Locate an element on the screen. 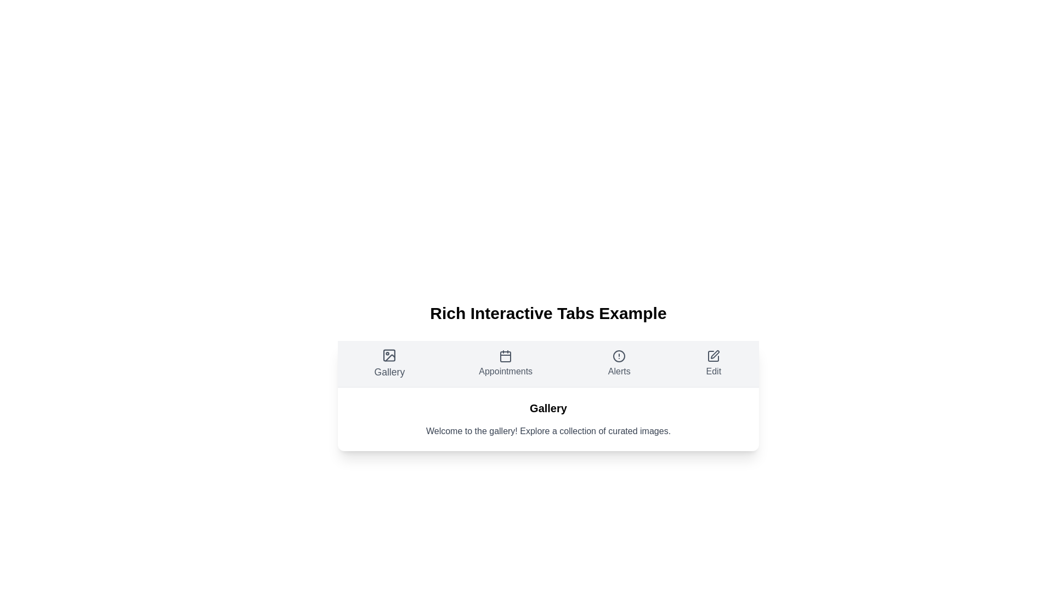  the tab labeled Edit is located at coordinates (713, 363).